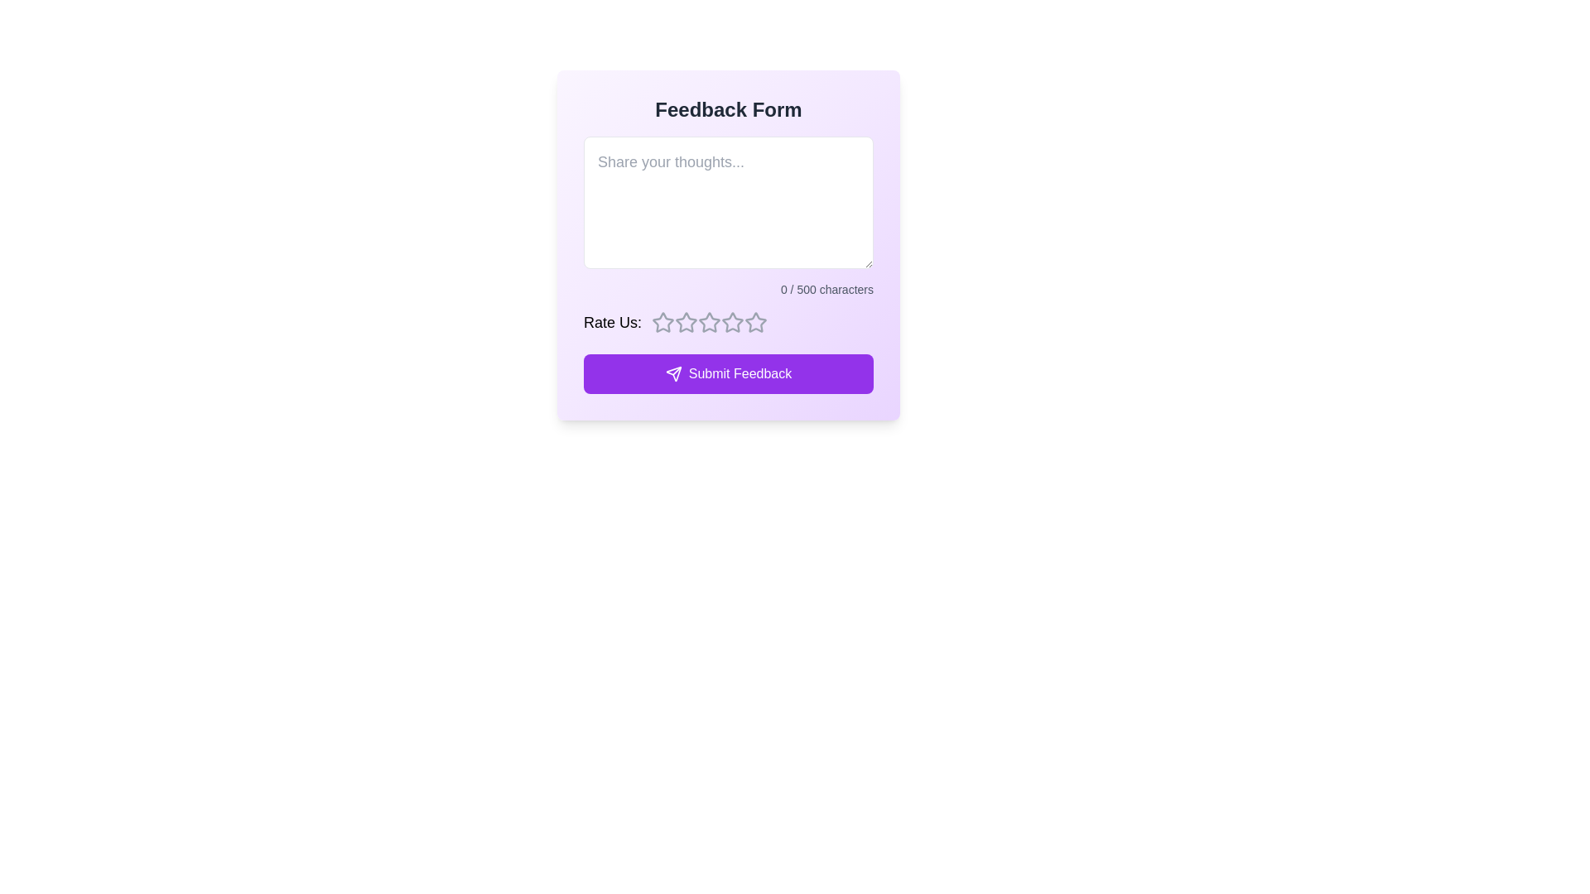 The width and height of the screenshot is (1590, 894). I want to click on the 'Feedback Form' text heading, which is prominently displayed at the top center of the form interface with a large, bold font on a light purple background, so click(728, 109).